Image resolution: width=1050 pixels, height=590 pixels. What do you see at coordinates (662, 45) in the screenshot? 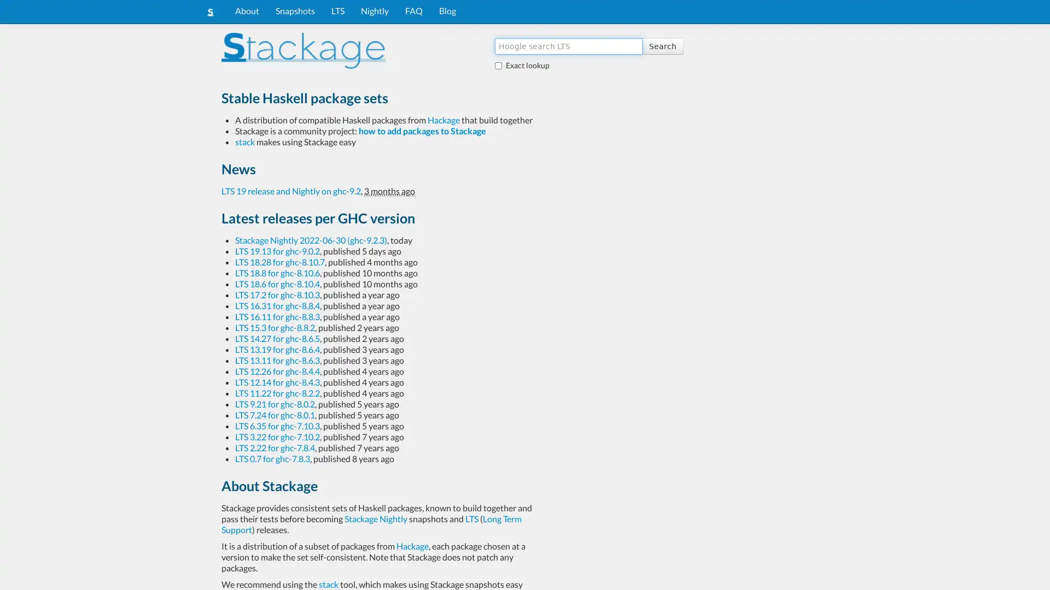
I see `Search` at bounding box center [662, 45].